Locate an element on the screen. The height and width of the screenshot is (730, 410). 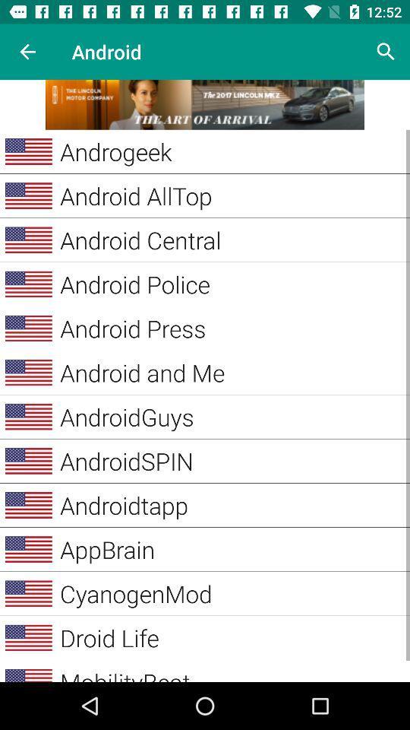
menu finder is located at coordinates (205, 103).